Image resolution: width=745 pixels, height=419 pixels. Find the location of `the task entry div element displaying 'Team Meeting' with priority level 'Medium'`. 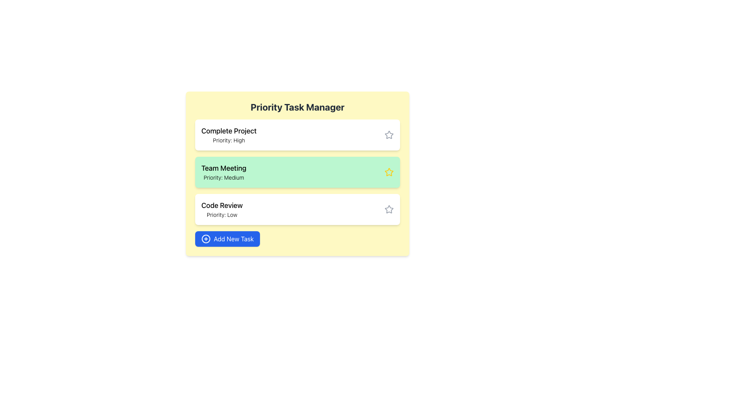

the task entry div element displaying 'Team Meeting' with priority level 'Medium' is located at coordinates (297, 171).